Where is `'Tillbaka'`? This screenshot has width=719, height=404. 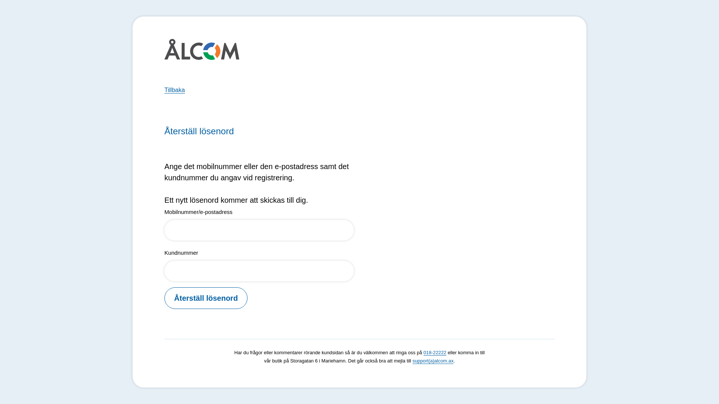 'Tillbaka' is located at coordinates (164, 89).